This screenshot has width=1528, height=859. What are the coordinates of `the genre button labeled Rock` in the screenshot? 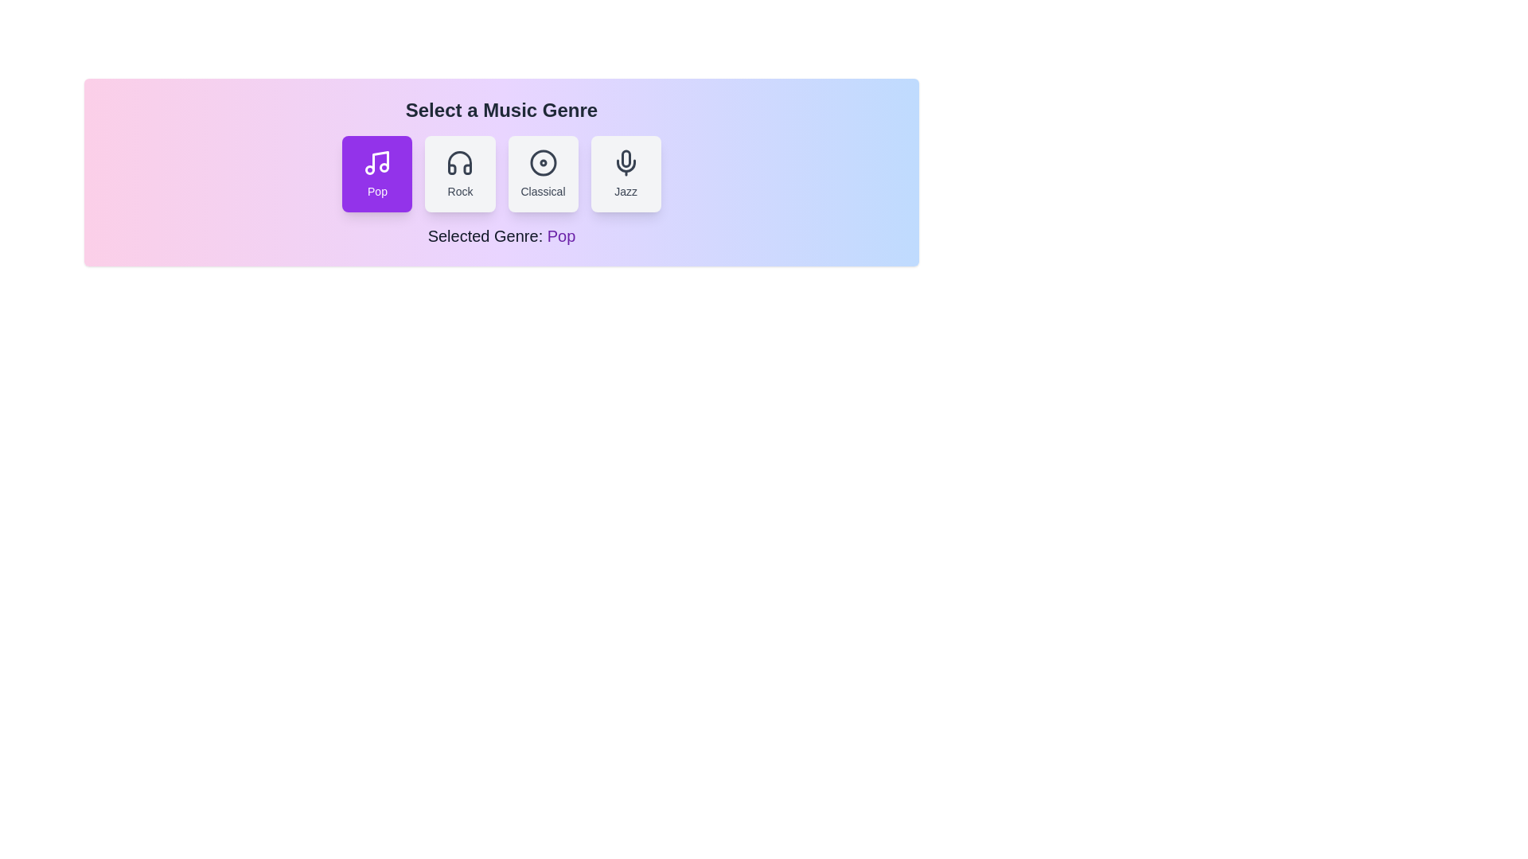 It's located at (458, 174).